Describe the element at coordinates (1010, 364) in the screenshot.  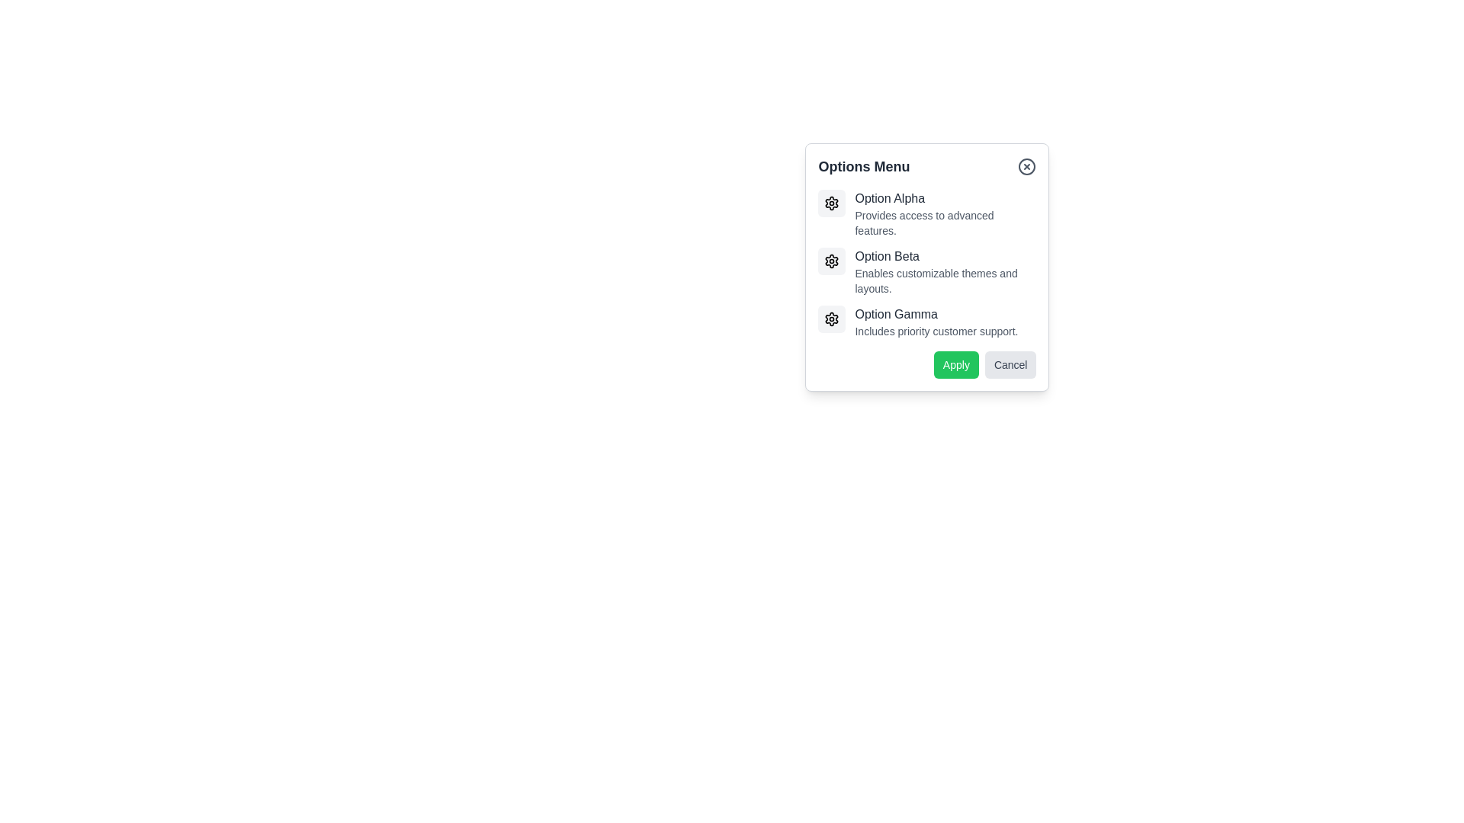
I see `the cancel button located at the bottom-right corner of the modal dialog box` at that location.